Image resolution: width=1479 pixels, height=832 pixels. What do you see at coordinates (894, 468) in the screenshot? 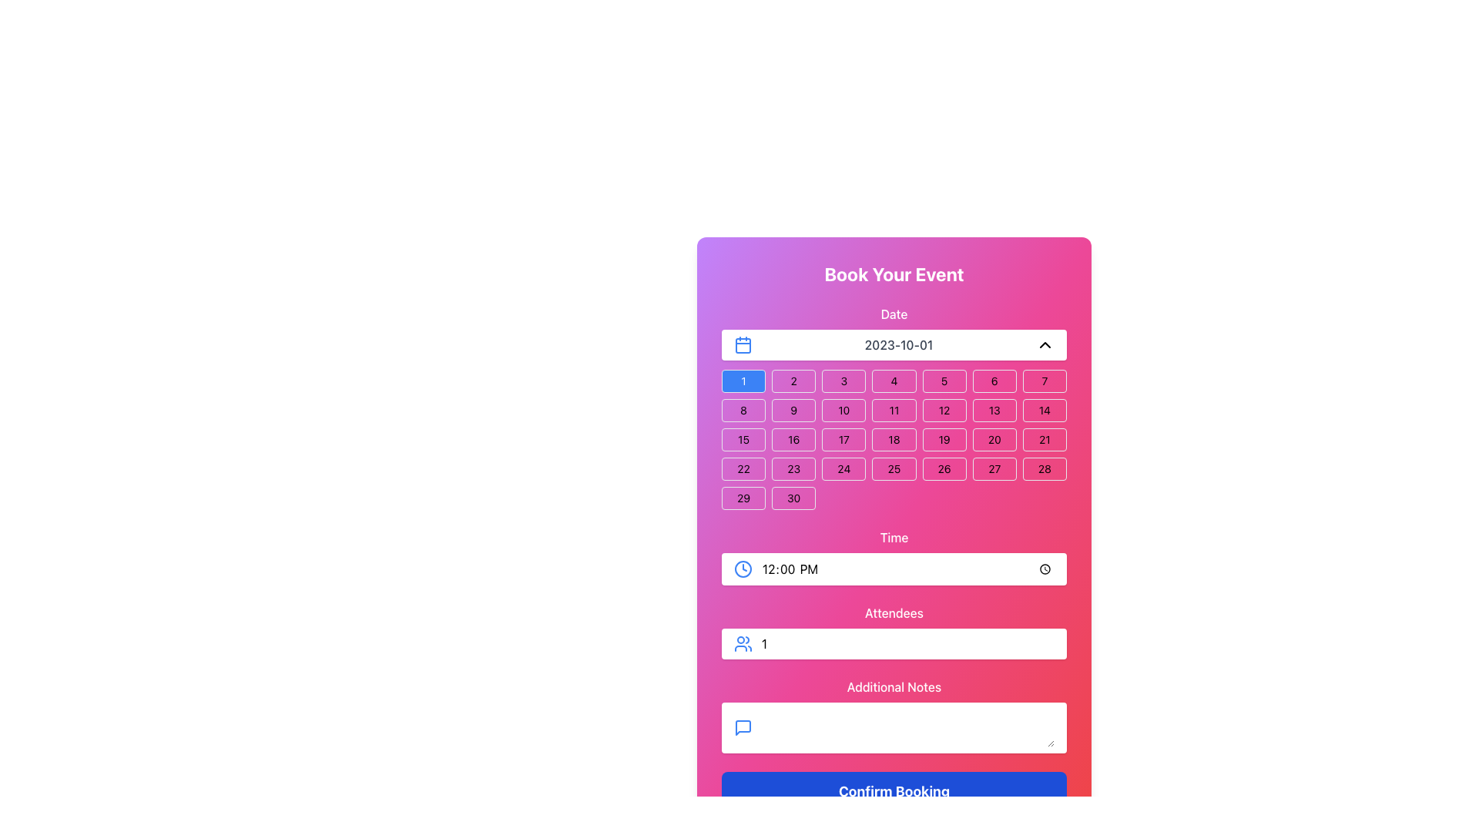
I see `the square button labeled '25' with a pink background and rounded border located in the fourth row and fourth column of the calendar grid` at bounding box center [894, 468].